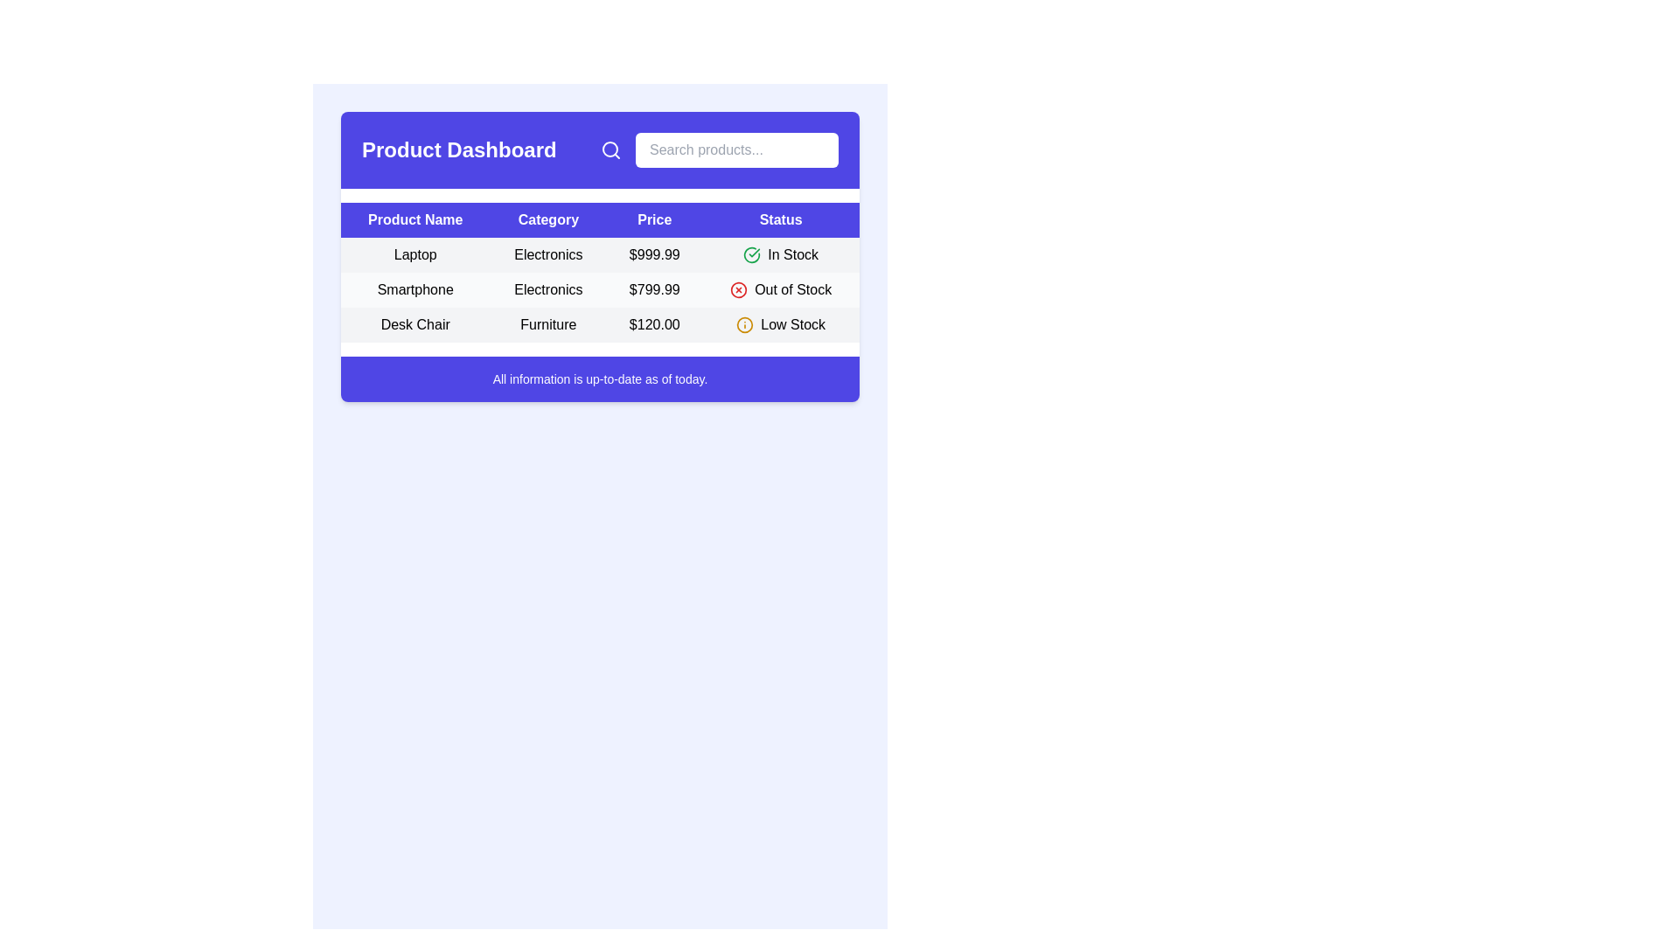 The image size is (1679, 944). I want to click on the Text label indicating the product name, located in the third row of the table under the 'Product Name' column, to assist users in identifying items, so click(415, 324).